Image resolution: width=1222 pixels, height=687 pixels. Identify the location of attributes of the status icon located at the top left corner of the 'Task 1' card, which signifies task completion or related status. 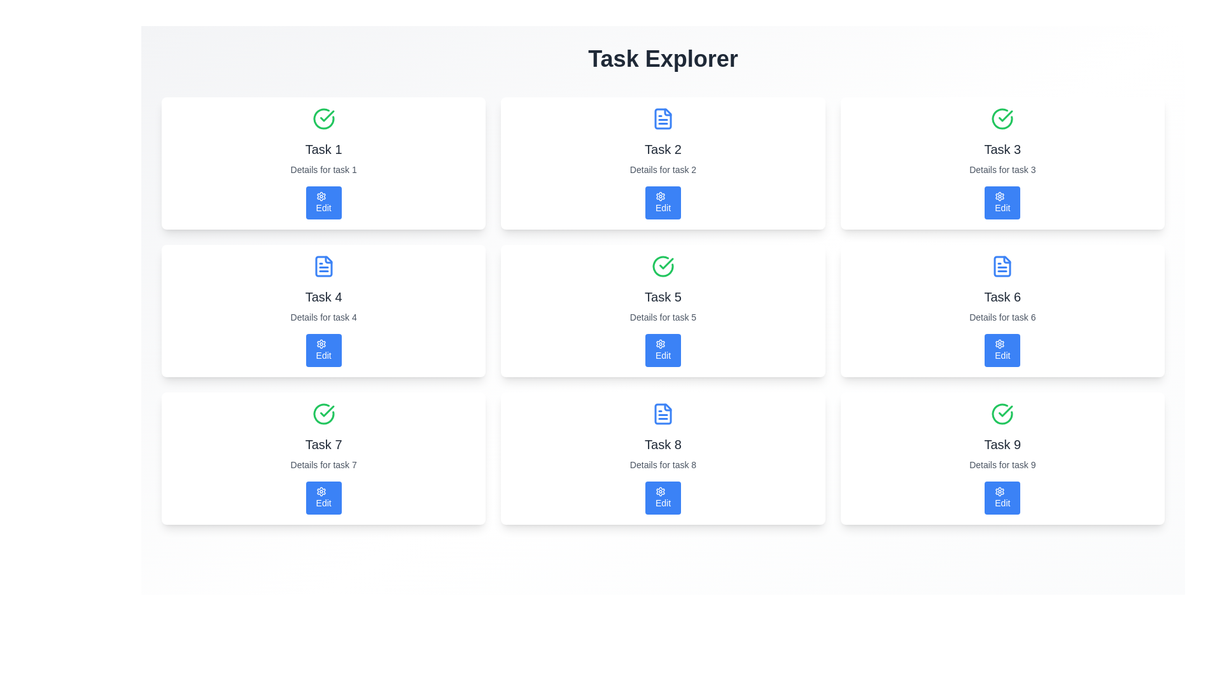
(327, 116).